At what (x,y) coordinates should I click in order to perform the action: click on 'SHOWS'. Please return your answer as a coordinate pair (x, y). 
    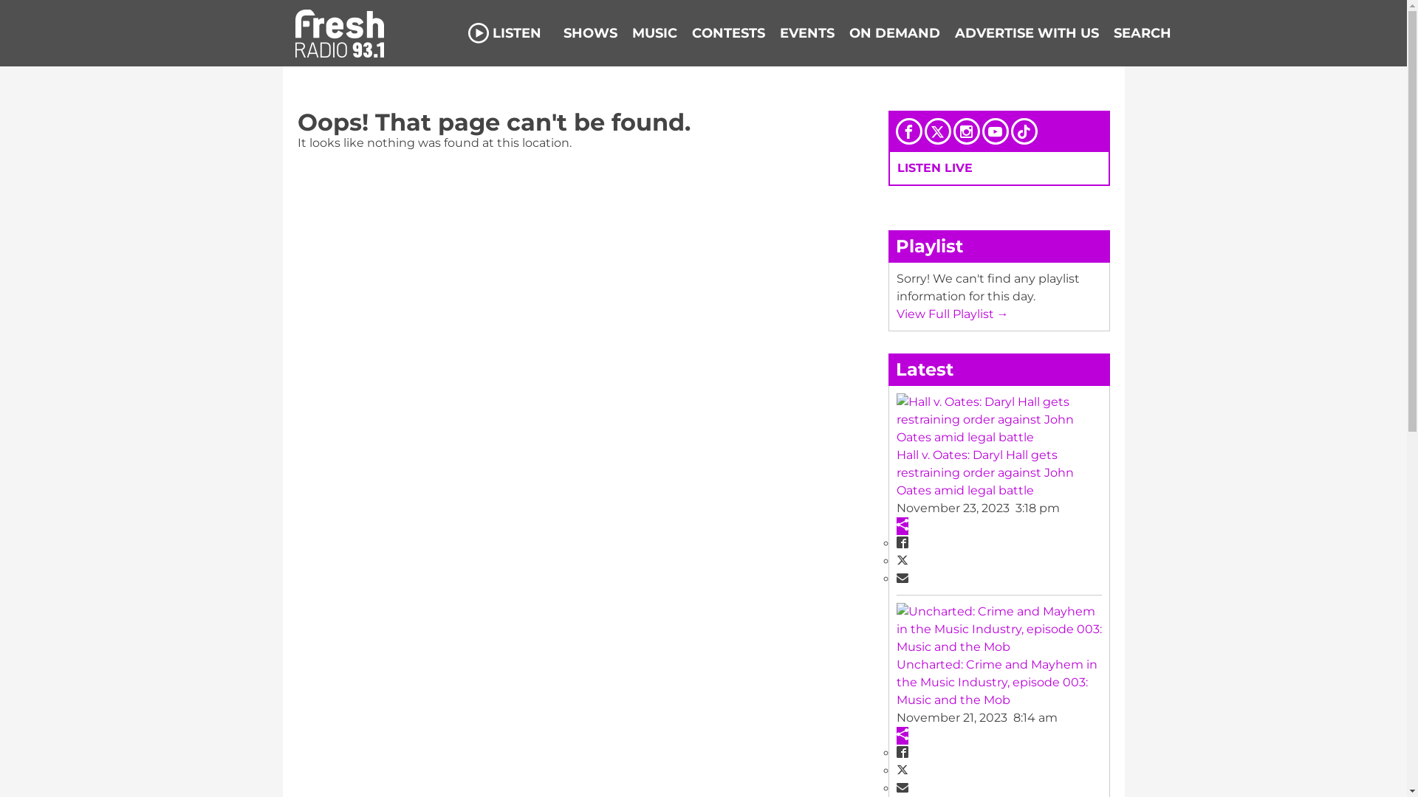
    Looking at the image, I should click on (589, 33).